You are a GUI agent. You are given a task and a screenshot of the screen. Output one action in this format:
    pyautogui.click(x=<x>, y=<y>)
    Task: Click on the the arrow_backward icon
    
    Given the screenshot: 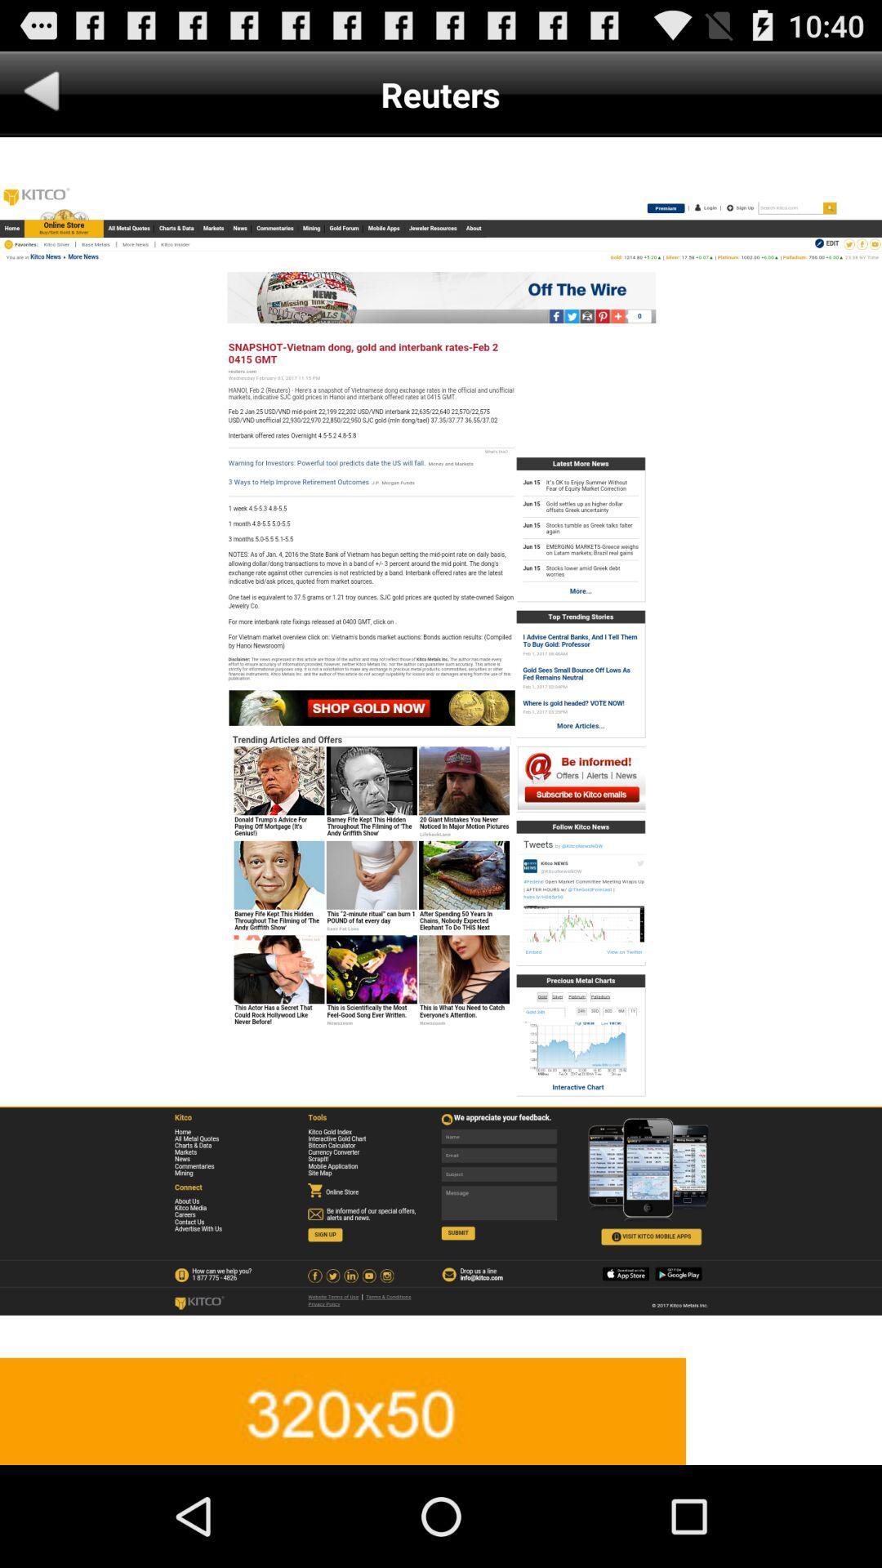 What is the action you would take?
    pyautogui.click(x=41, y=100)
    